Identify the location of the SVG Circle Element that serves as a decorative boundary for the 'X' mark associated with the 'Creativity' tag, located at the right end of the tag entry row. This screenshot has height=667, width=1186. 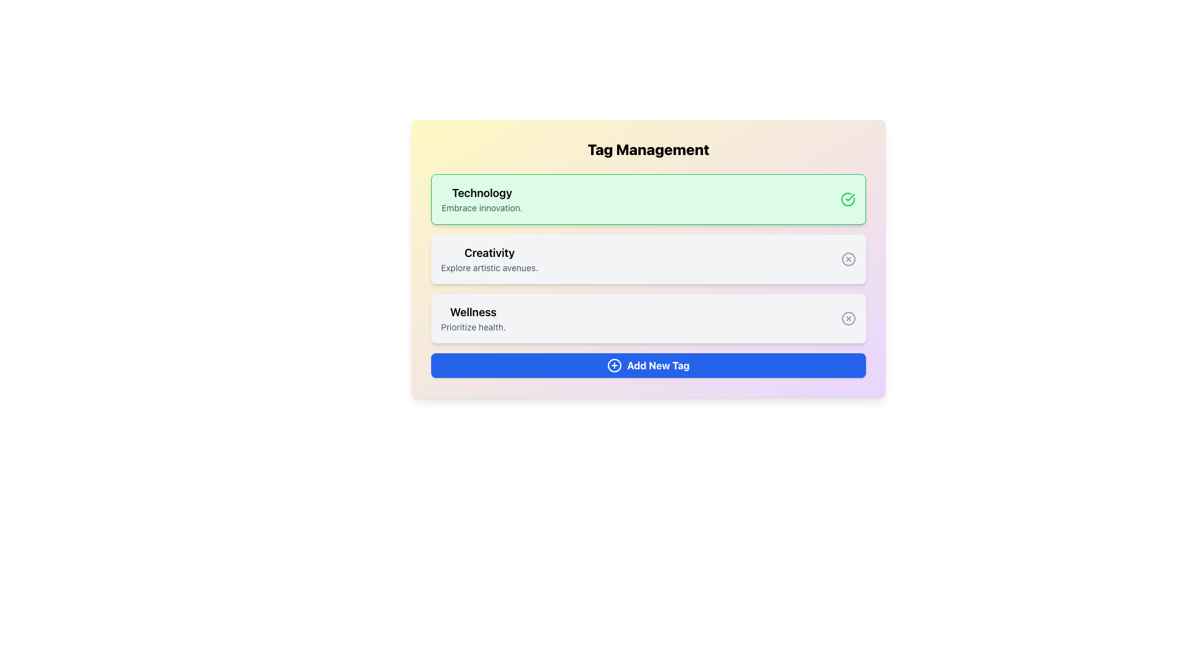
(847, 259).